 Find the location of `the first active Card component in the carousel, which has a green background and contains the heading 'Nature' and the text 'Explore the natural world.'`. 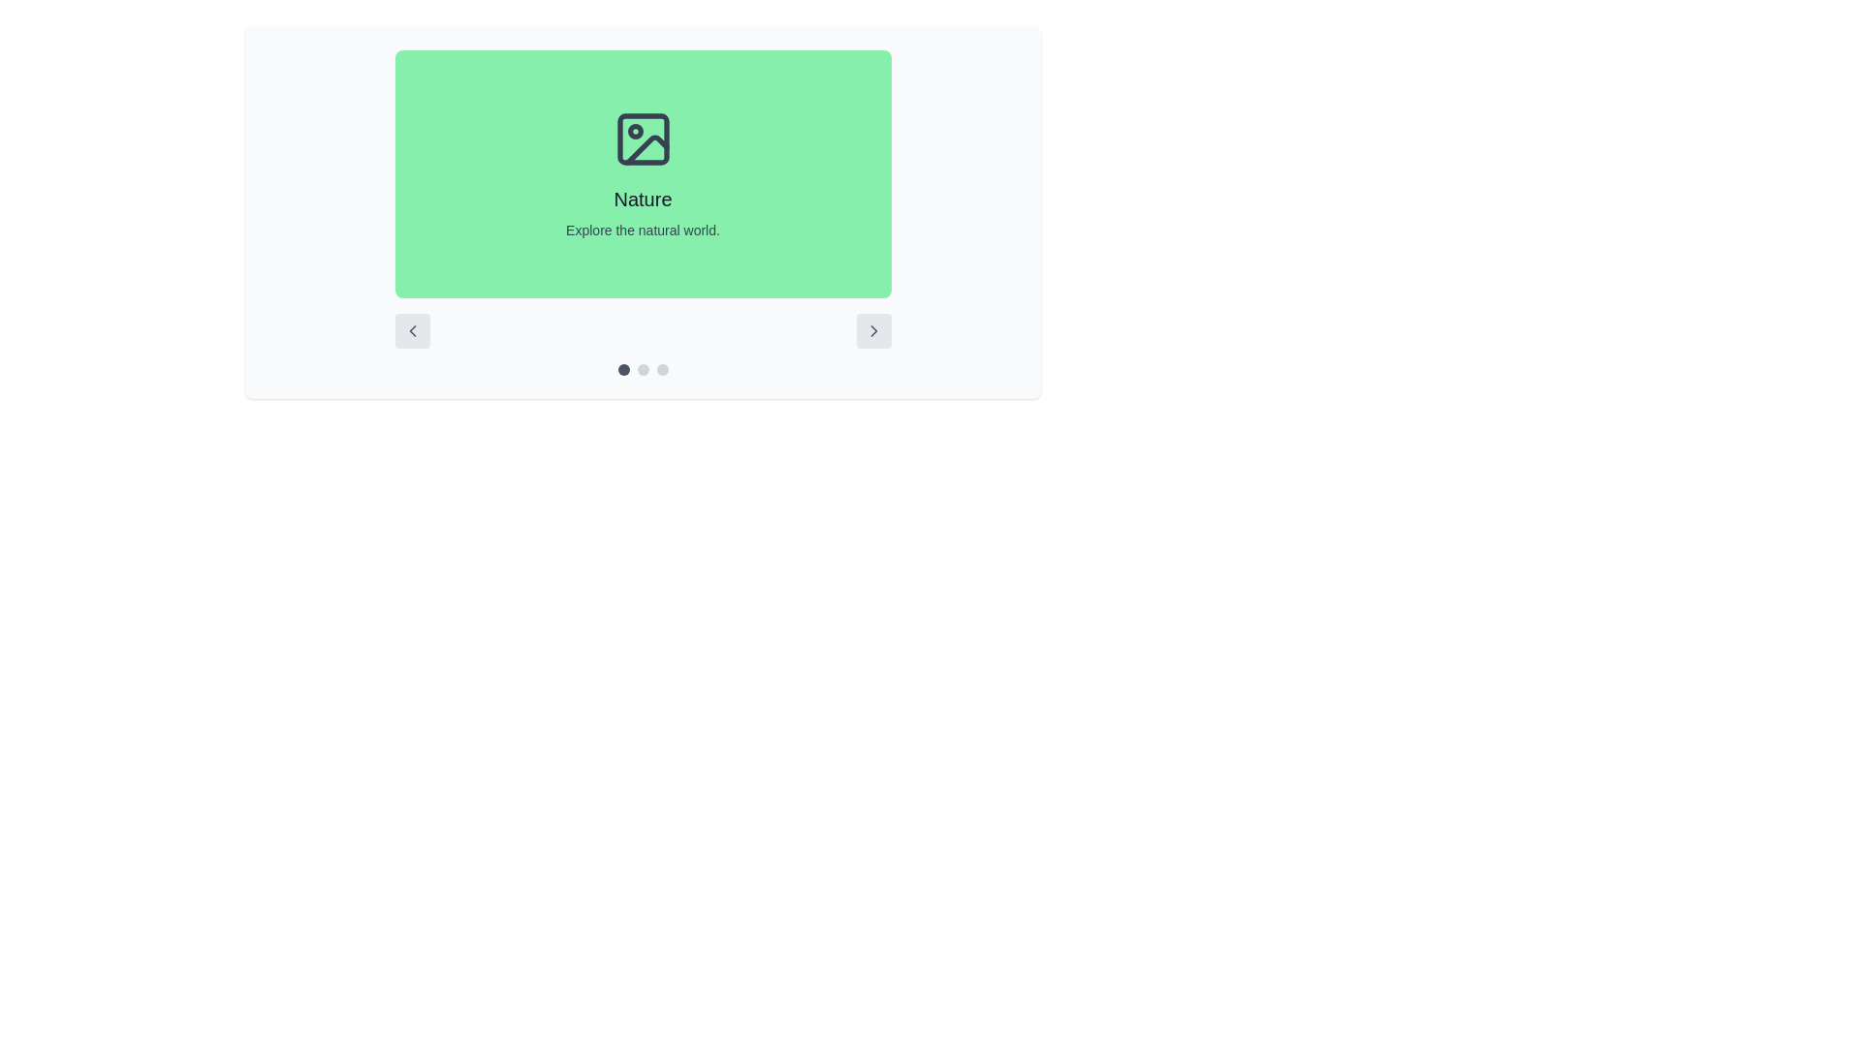

the first active Card component in the carousel, which has a green background and contains the heading 'Nature' and the text 'Explore the natural world.' is located at coordinates (643, 174).